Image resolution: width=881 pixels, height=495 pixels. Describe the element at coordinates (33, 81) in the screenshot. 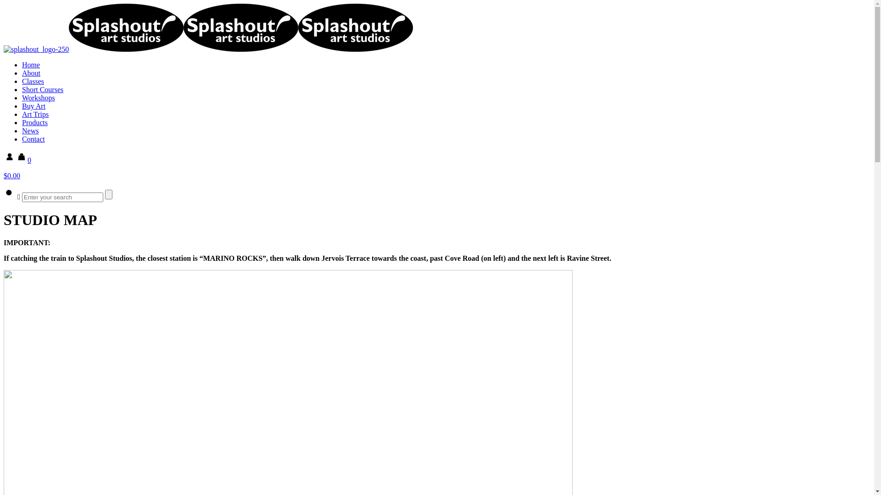

I see `'Classes'` at that location.